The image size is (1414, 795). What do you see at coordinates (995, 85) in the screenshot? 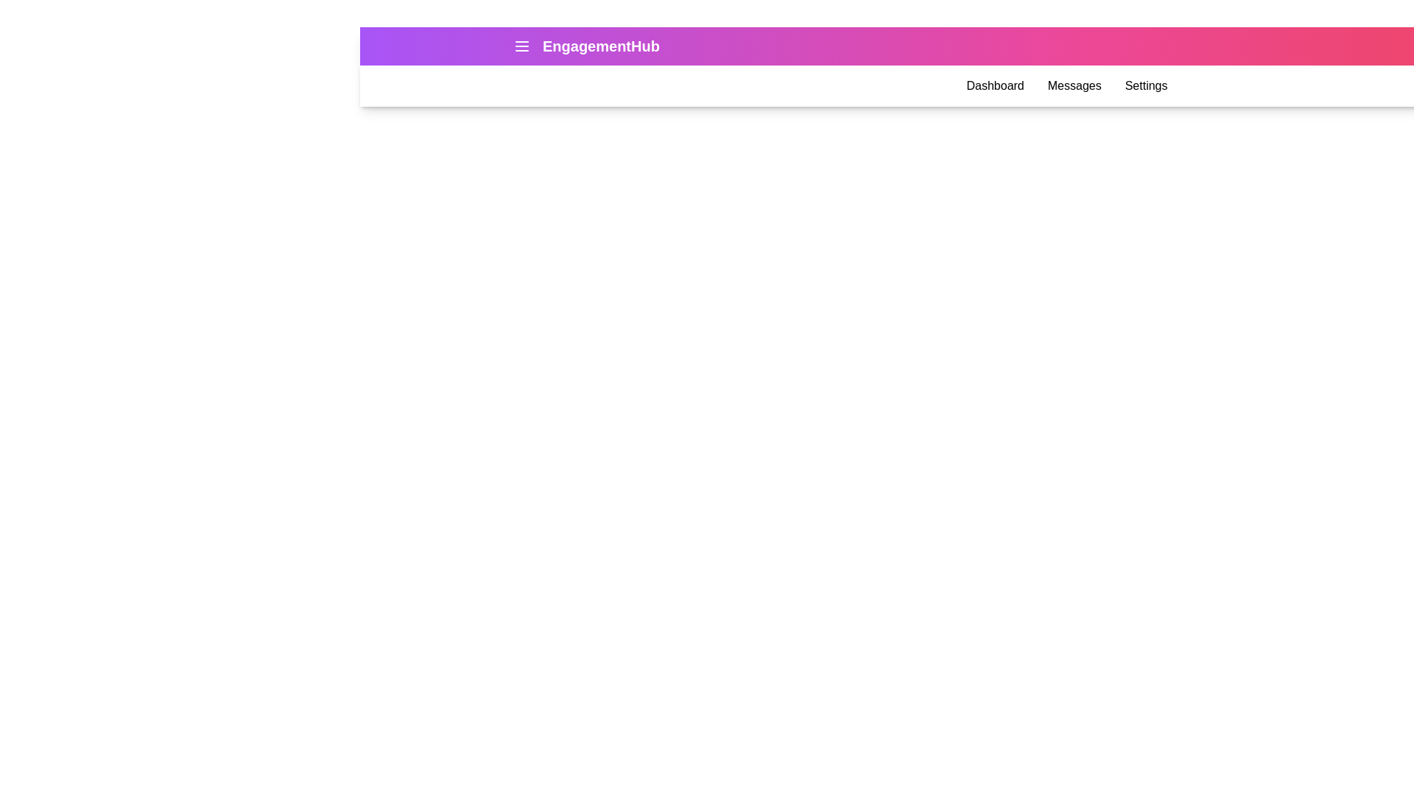
I see `the 'Dashboard' link` at bounding box center [995, 85].